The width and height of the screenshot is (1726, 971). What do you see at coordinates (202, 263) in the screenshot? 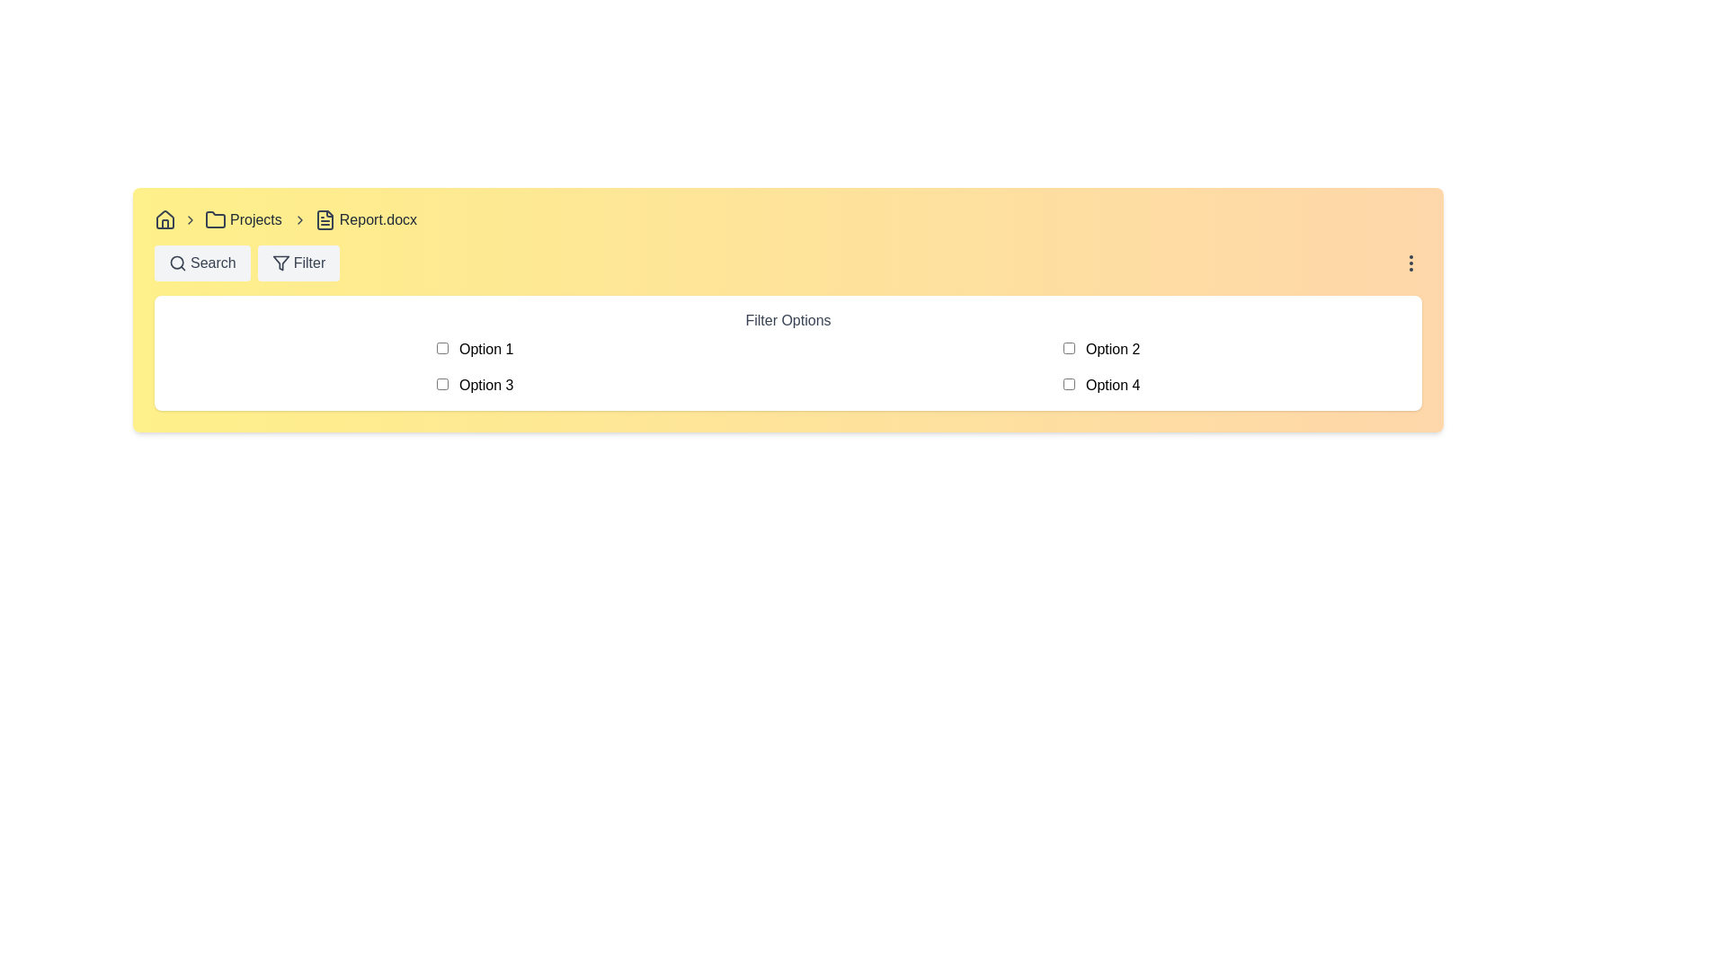
I see `the search button located to the left of the 'Filter' button` at bounding box center [202, 263].